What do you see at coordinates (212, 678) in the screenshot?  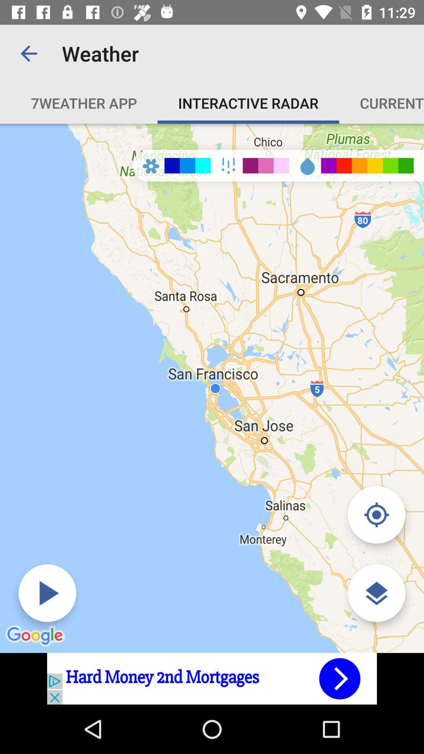 I see `advertisement` at bounding box center [212, 678].